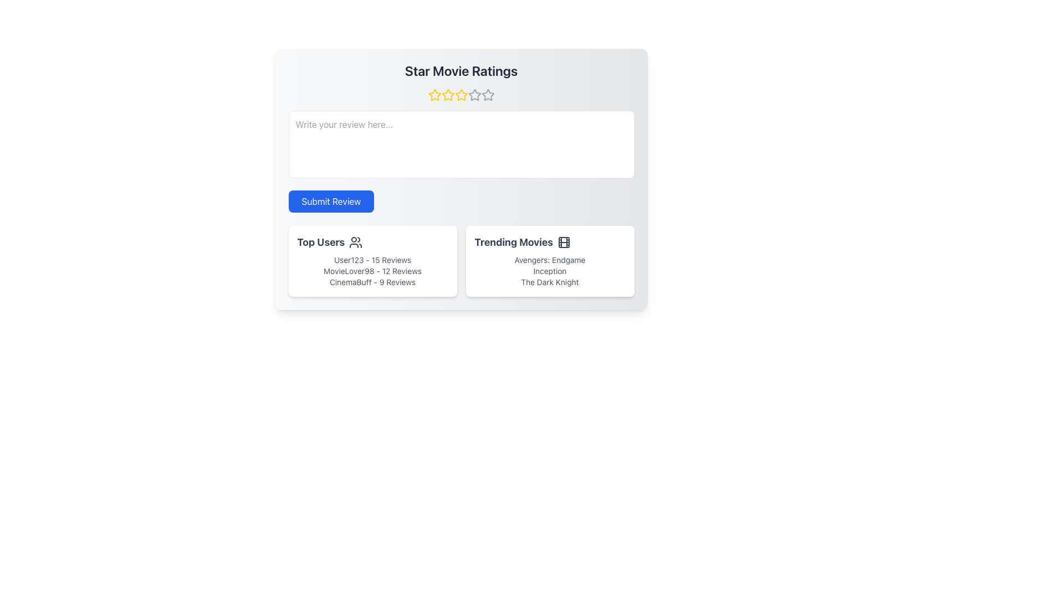 The height and width of the screenshot is (598, 1064). Describe the element at coordinates (550, 271) in the screenshot. I see `the static text element representing the title of a trending movie, located as the second listing in the 'Trending Movies' section` at that location.